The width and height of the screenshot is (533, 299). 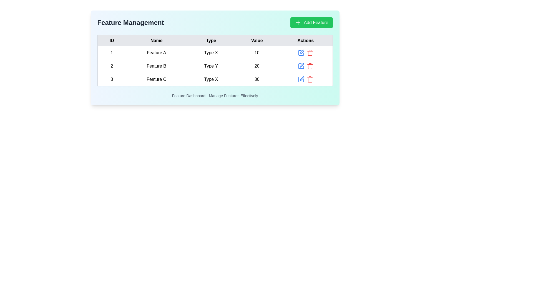 What do you see at coordinates (311, 22) in the screenshot?
I see `the green button labeled 'Add Feature' to observe the hover effect` at bounding box center [311, 22].